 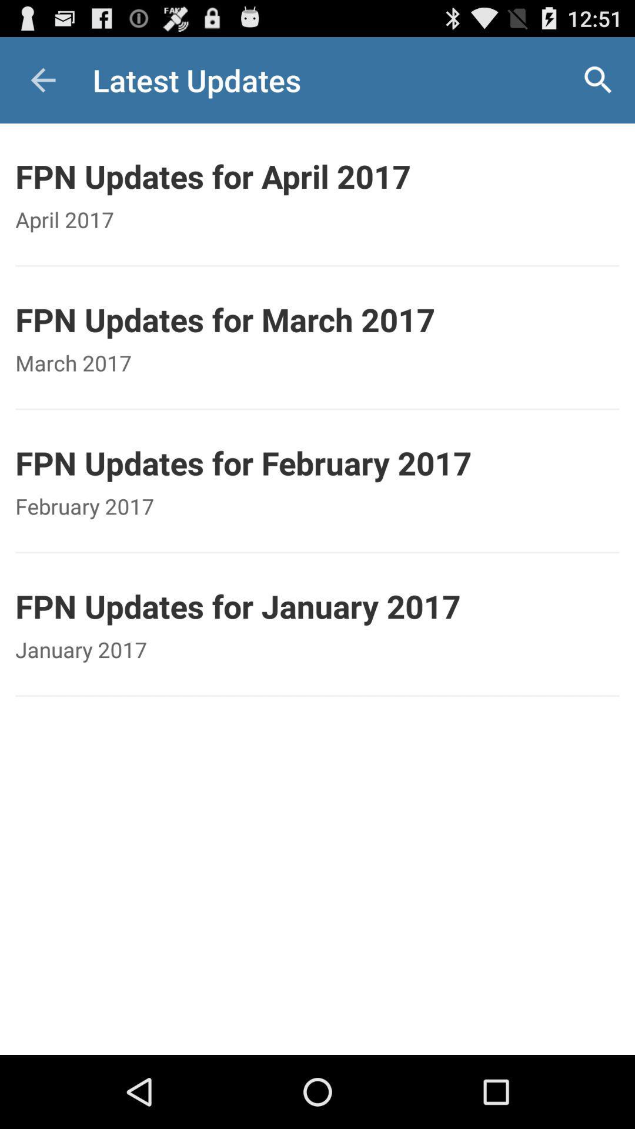 What do you see at coordinates (598, 79) in the screenshot?
I see `the app to the right of the latest updates` at bounding box center [598, 79].